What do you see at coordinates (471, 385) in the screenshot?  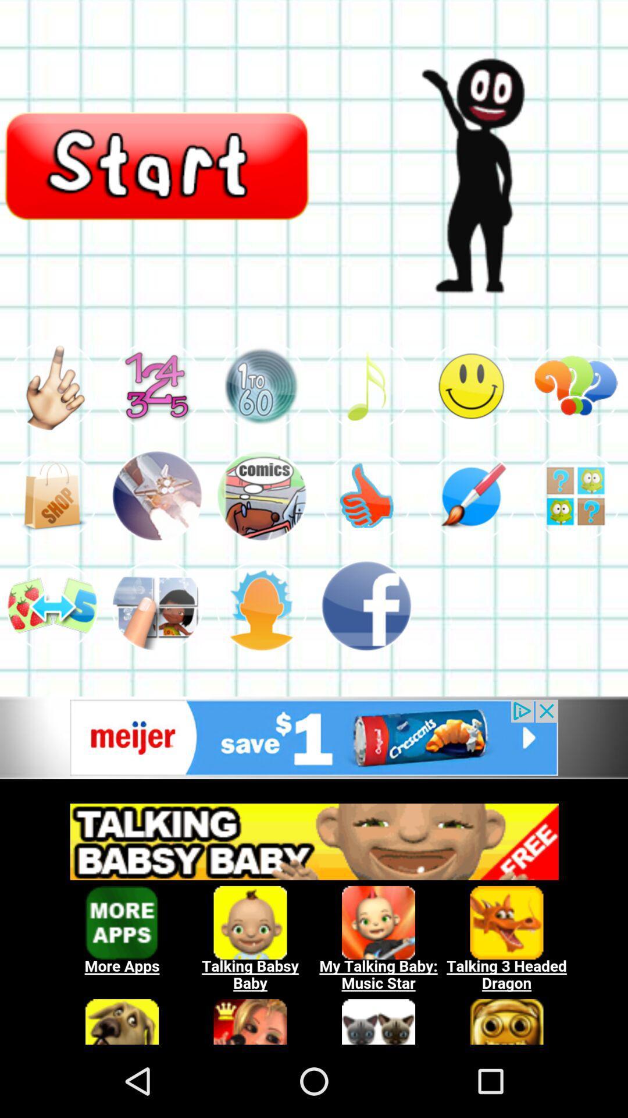 I see `smile emoji` at bounding box center [471, 385].